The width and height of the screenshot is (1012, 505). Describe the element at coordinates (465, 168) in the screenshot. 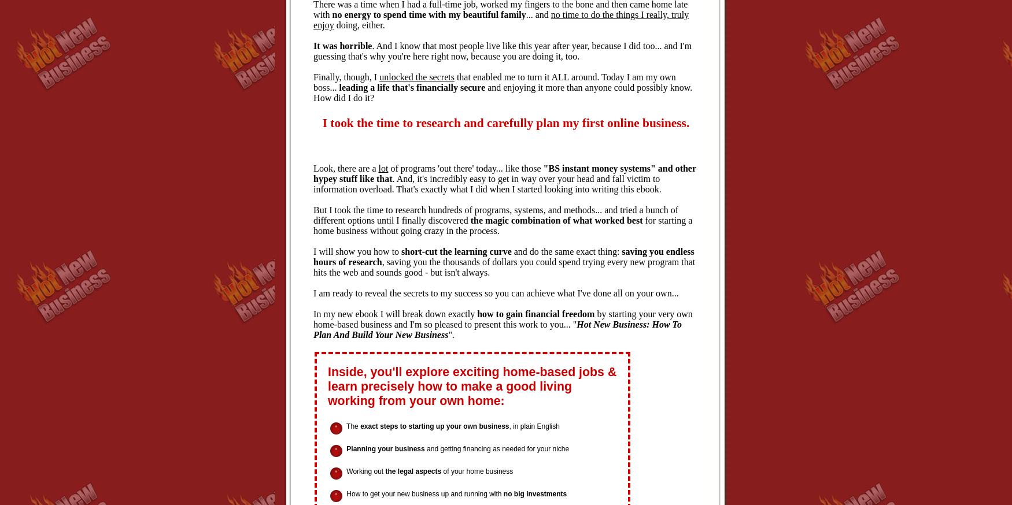

I see `'of programs 'out there' today... like those'` at that location.